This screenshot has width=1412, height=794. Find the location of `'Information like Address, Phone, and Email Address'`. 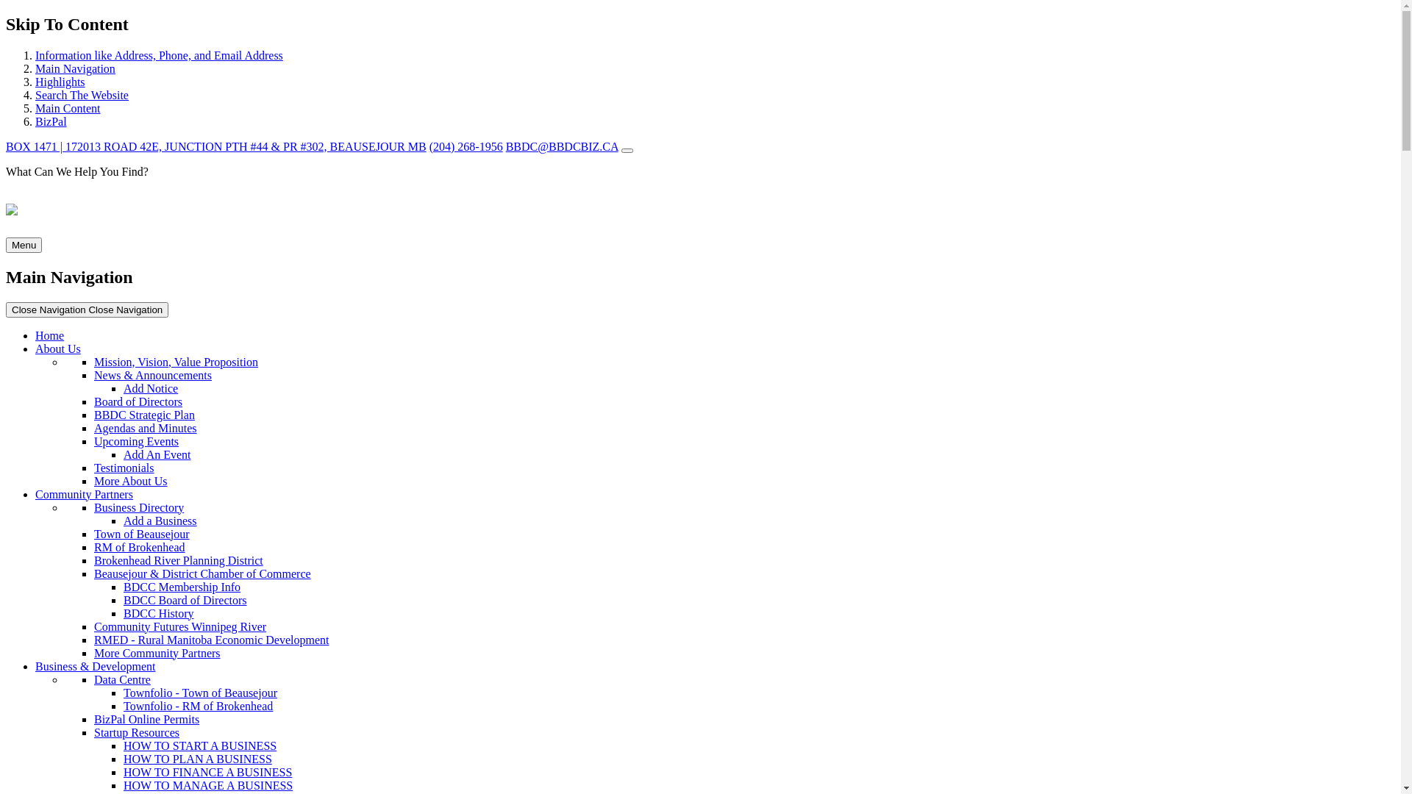

'Information like Address, Phone, and Email Address' is located at coordinates (159, 54).